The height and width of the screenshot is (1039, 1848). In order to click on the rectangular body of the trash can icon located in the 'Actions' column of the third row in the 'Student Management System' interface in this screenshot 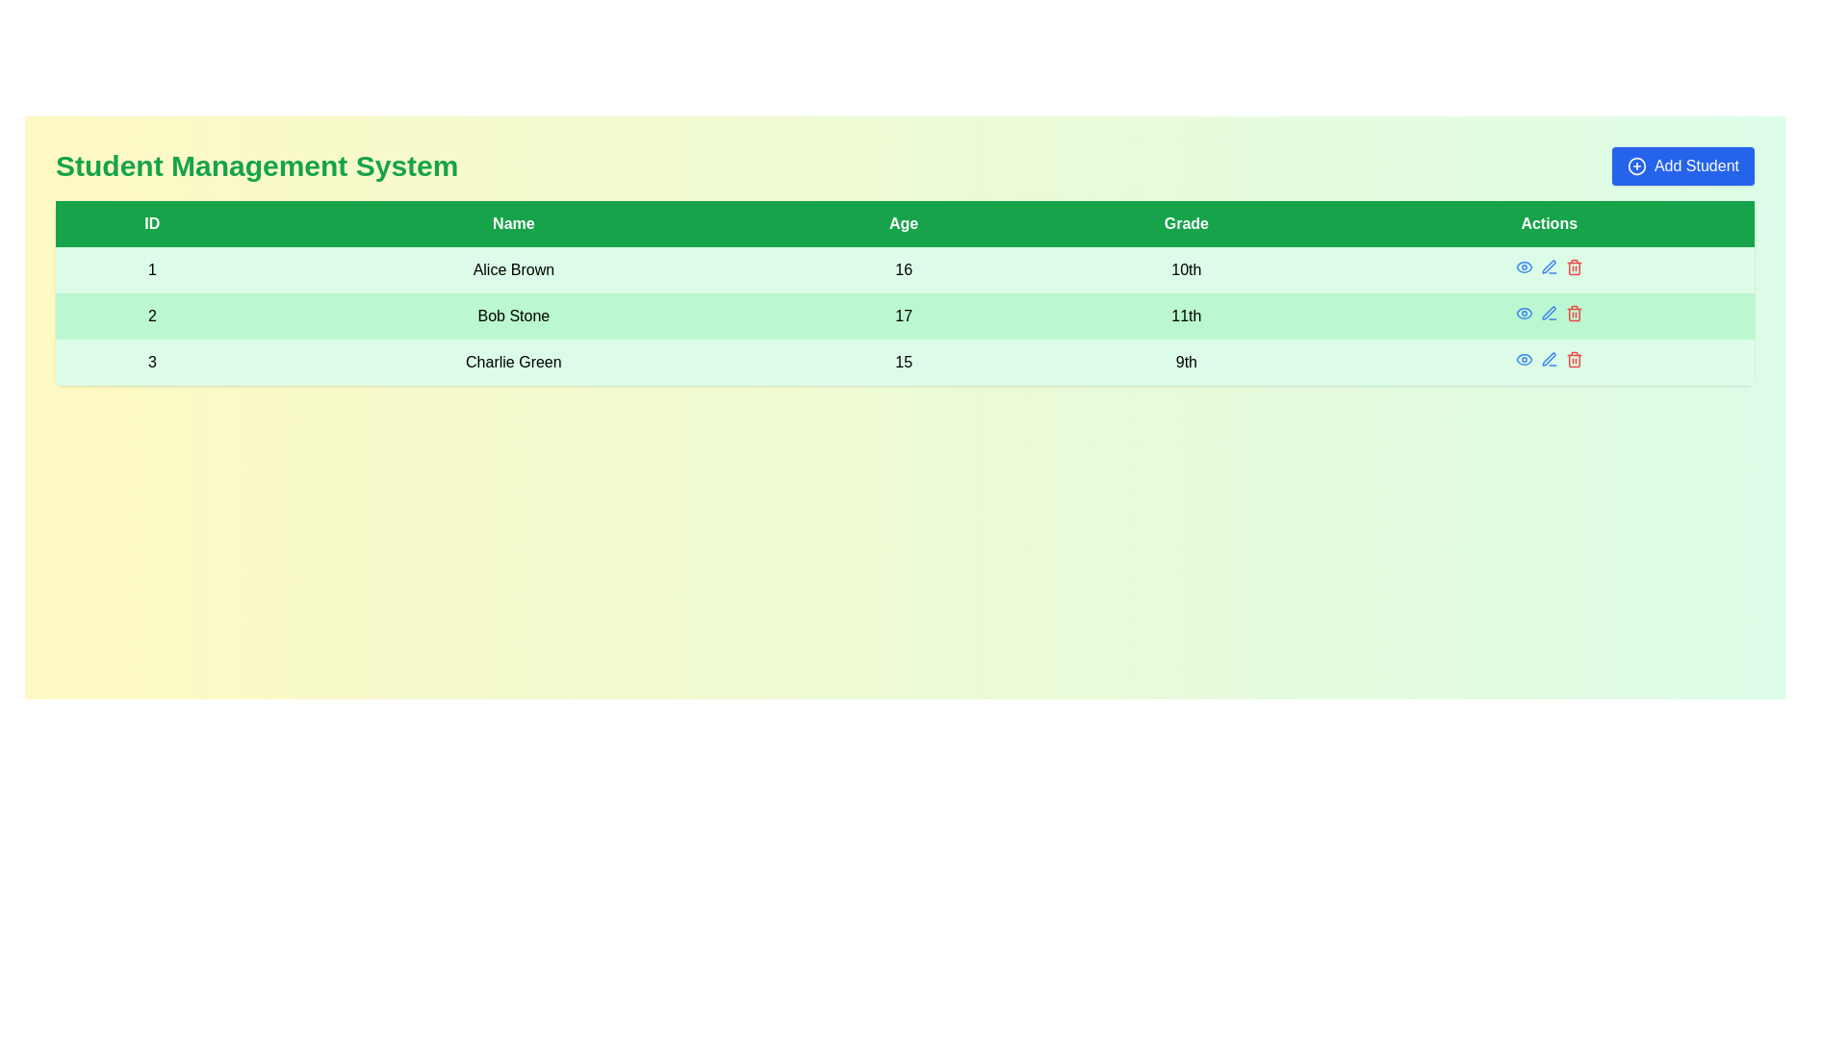, I will do `click(1574, 268)`.